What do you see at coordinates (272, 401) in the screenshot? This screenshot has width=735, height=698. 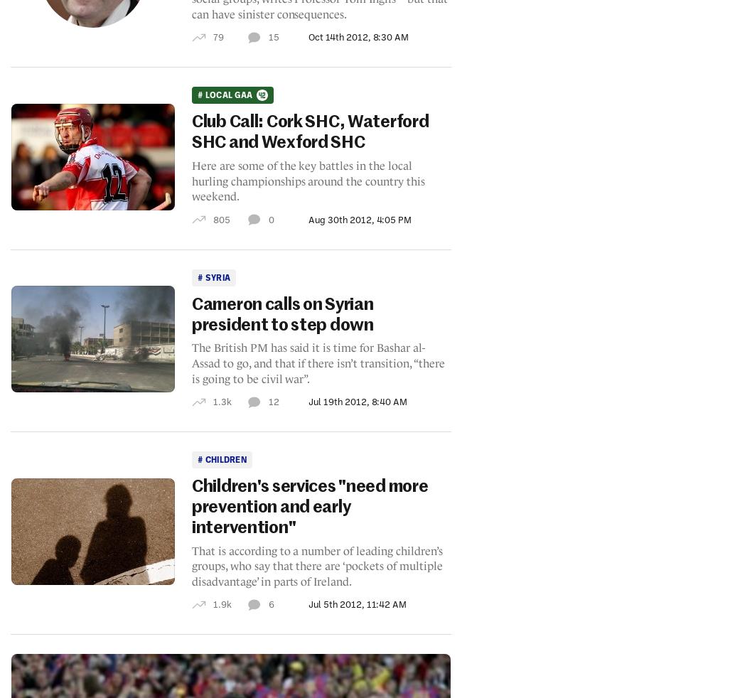 I see `'12'` at bounding box center [272, 401].